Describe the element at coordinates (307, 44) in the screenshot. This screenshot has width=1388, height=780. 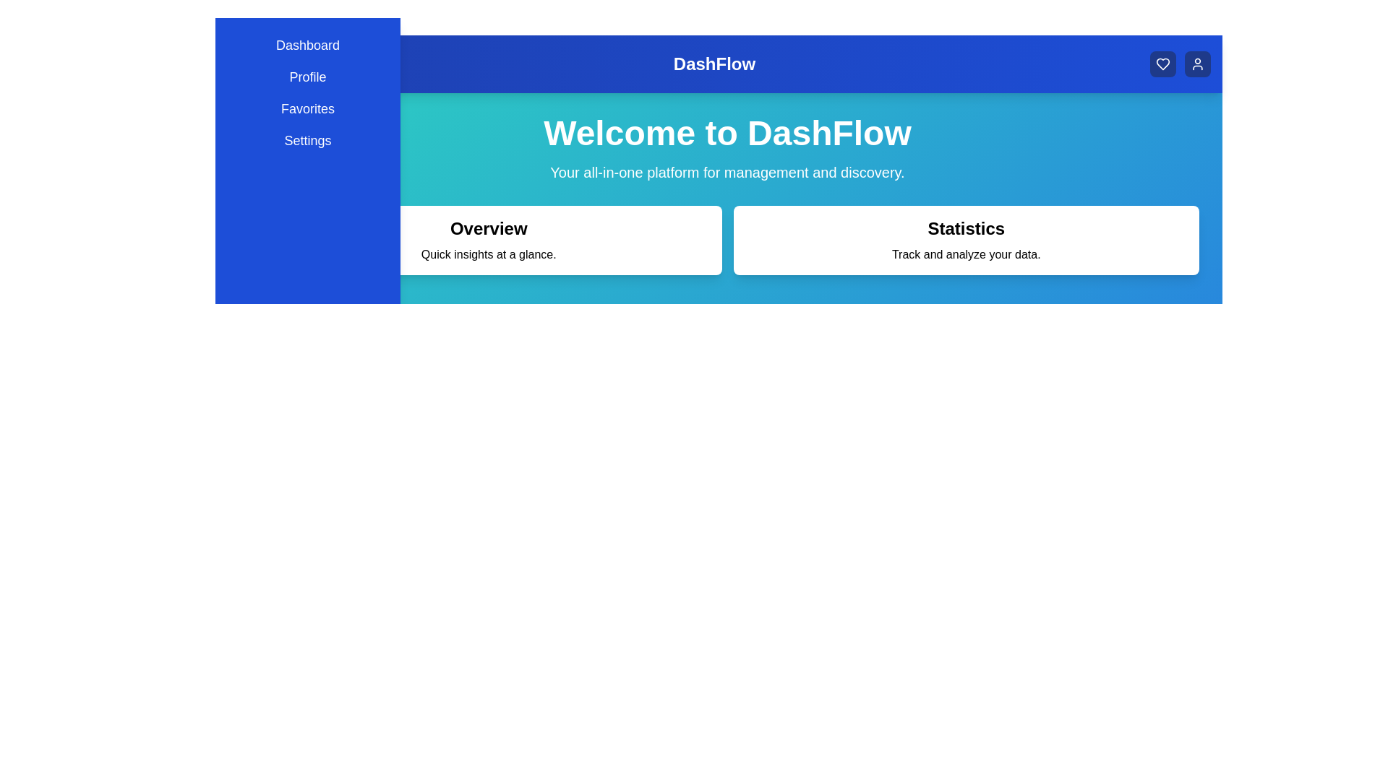
I see `the menu item Dashboard to navigate to its respective section` at that location.